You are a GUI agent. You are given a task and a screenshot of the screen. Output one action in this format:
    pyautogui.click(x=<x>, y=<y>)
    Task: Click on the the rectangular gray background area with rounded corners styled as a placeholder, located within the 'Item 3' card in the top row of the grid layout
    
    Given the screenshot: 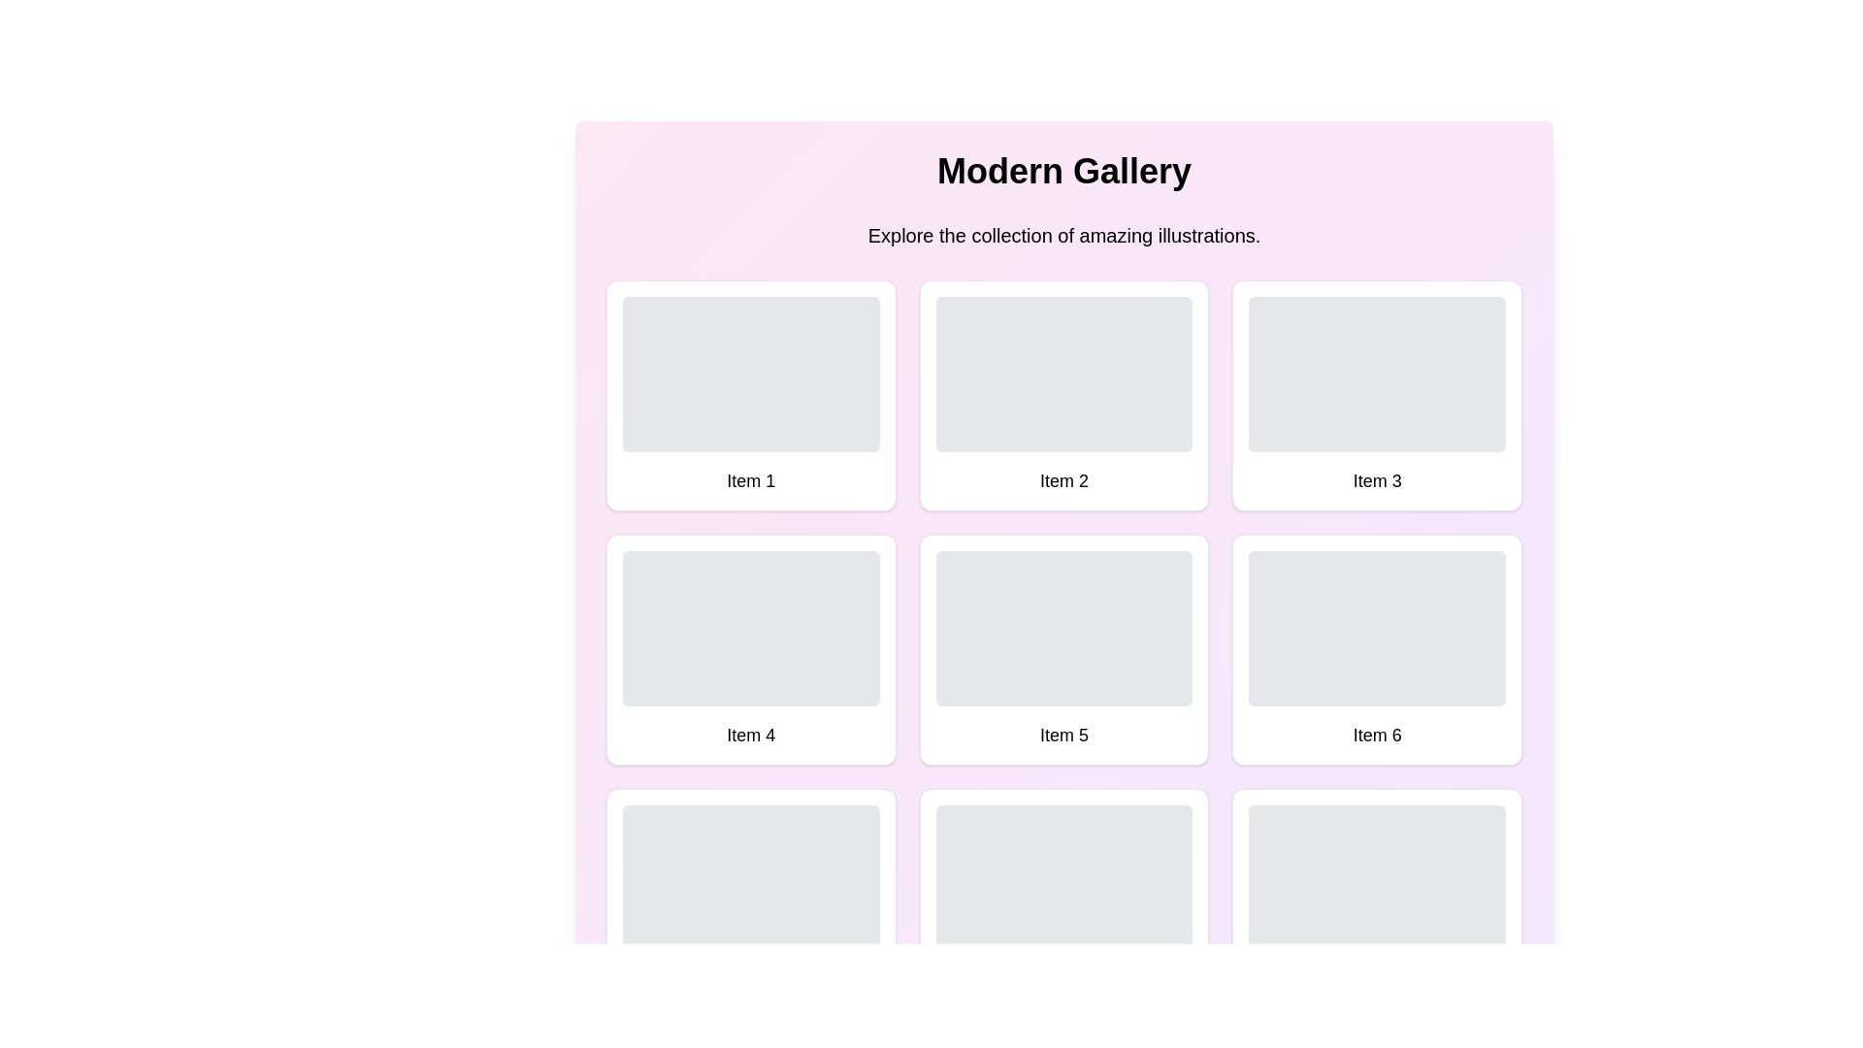 What is the action you would take?
    pyautogui.click(x=1376, y=374)
    